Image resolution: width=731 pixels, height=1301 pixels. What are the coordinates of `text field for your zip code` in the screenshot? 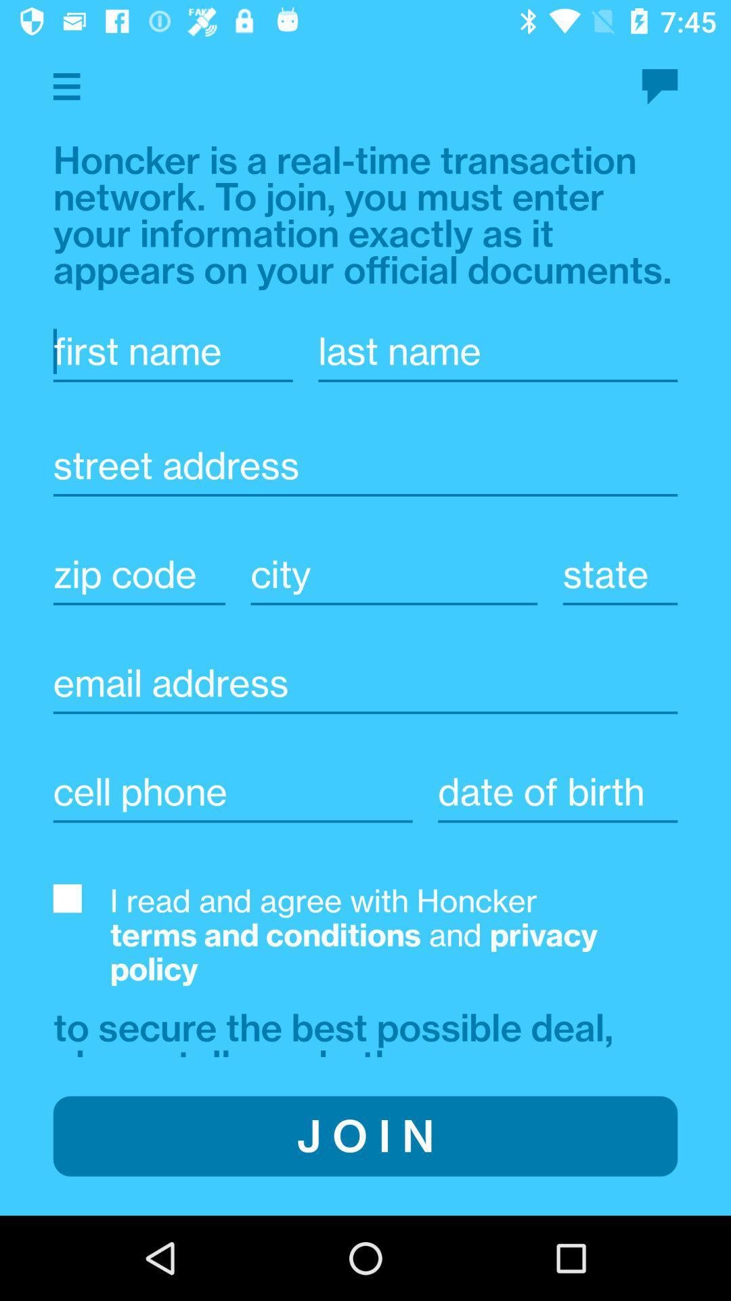 It's located at (139, 574).